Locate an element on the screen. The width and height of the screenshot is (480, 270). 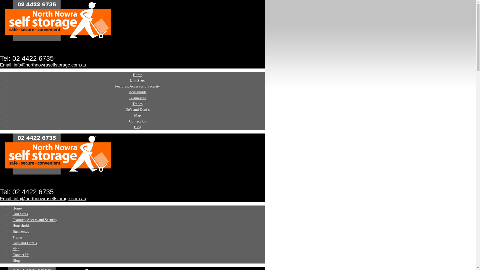
'Households' is located at coordinates (10, 225).